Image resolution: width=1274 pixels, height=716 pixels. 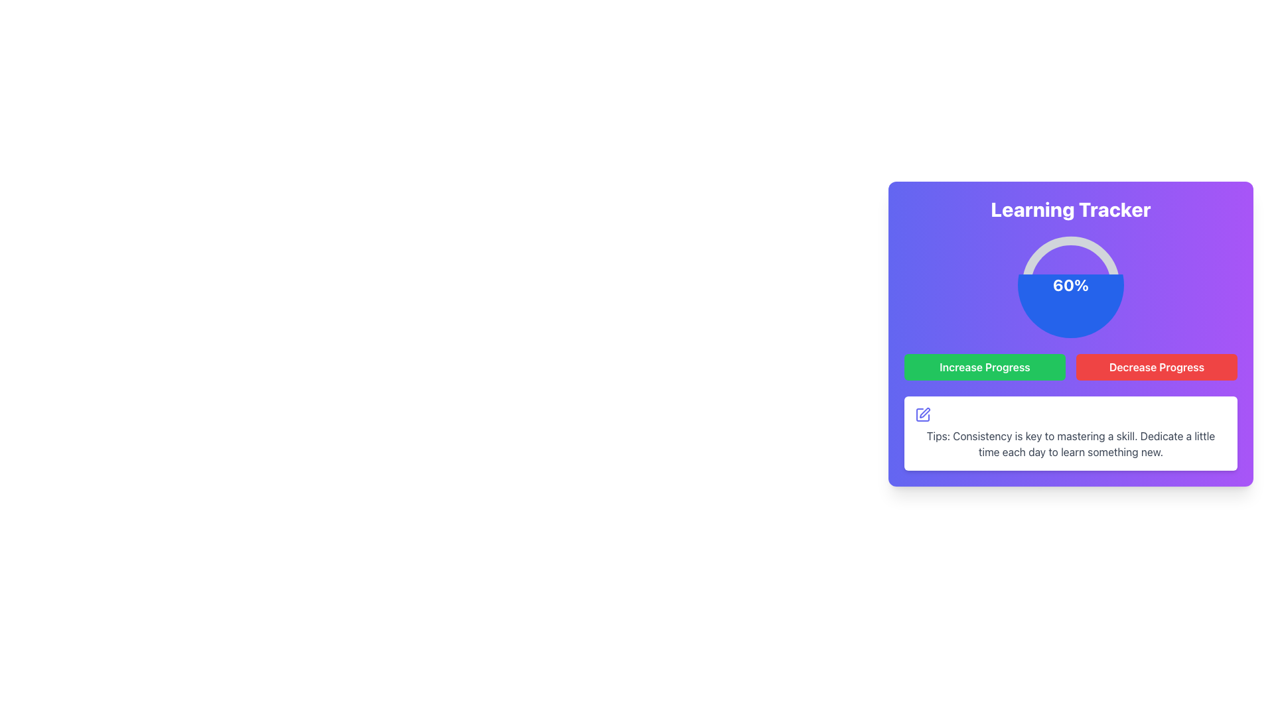 I want to click on informational static text emphasizing the importance of consistency in learning, located at the bottom section of the card beneath a blue circular progress bar, so click(x=1070, y=444).